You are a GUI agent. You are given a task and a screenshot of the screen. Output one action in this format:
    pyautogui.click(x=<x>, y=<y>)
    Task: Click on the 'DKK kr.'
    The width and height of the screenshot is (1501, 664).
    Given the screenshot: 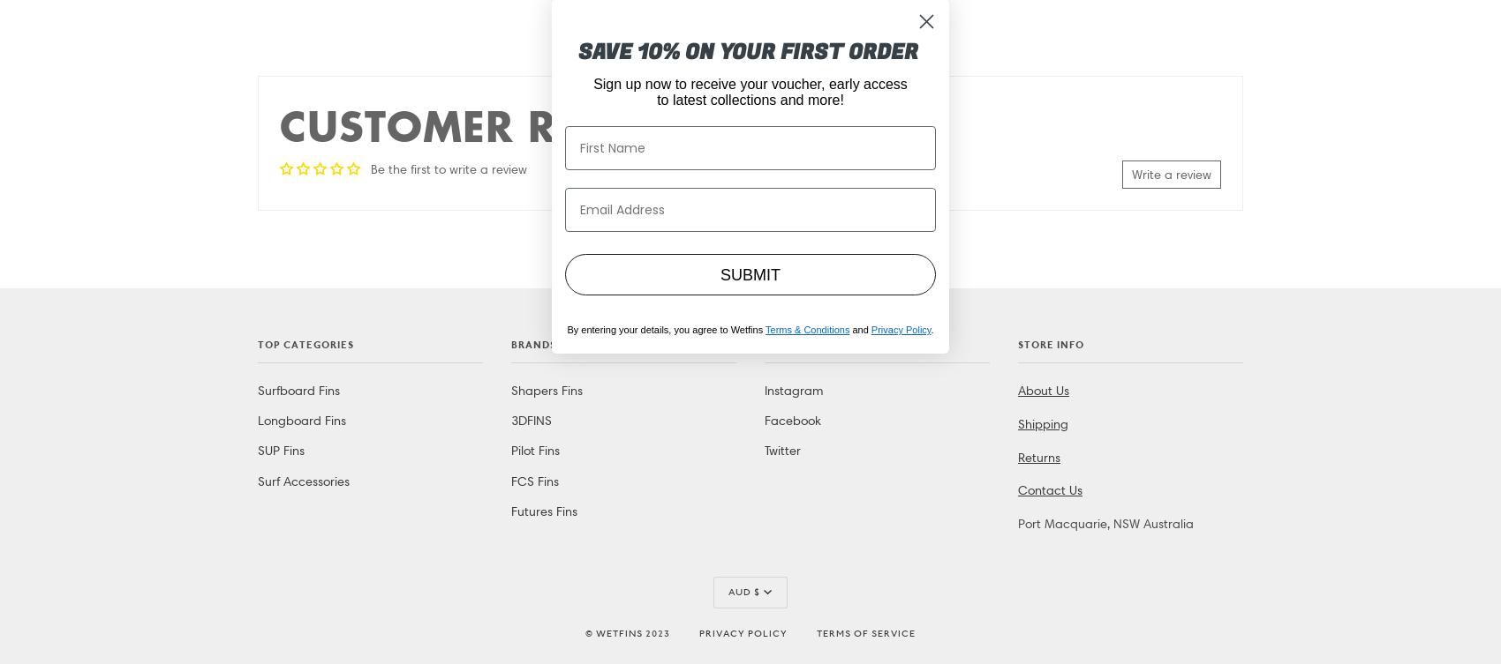 What is the action you would take?
    pyautogui.click(x=747, y=303)
    